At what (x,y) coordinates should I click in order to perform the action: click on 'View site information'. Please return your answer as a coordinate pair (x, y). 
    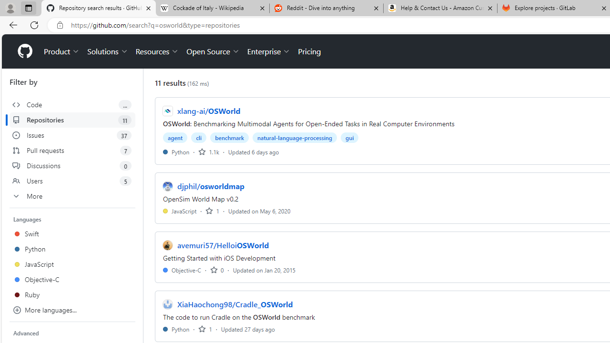
    Looking at the image, I should click on (60, 25).